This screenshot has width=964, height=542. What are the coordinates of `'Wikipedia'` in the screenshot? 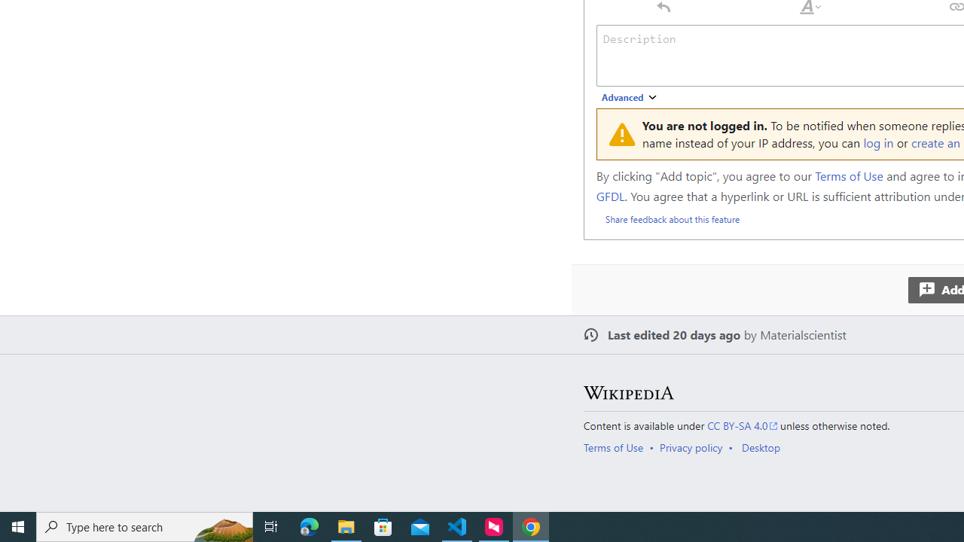 It's located at (628, 392).